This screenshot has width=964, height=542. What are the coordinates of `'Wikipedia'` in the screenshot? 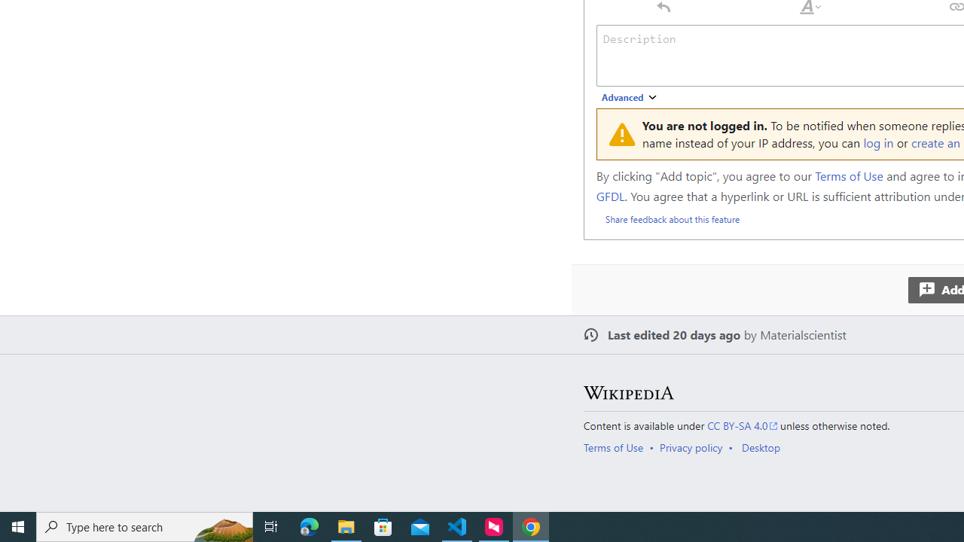 It's located at (628, 392).